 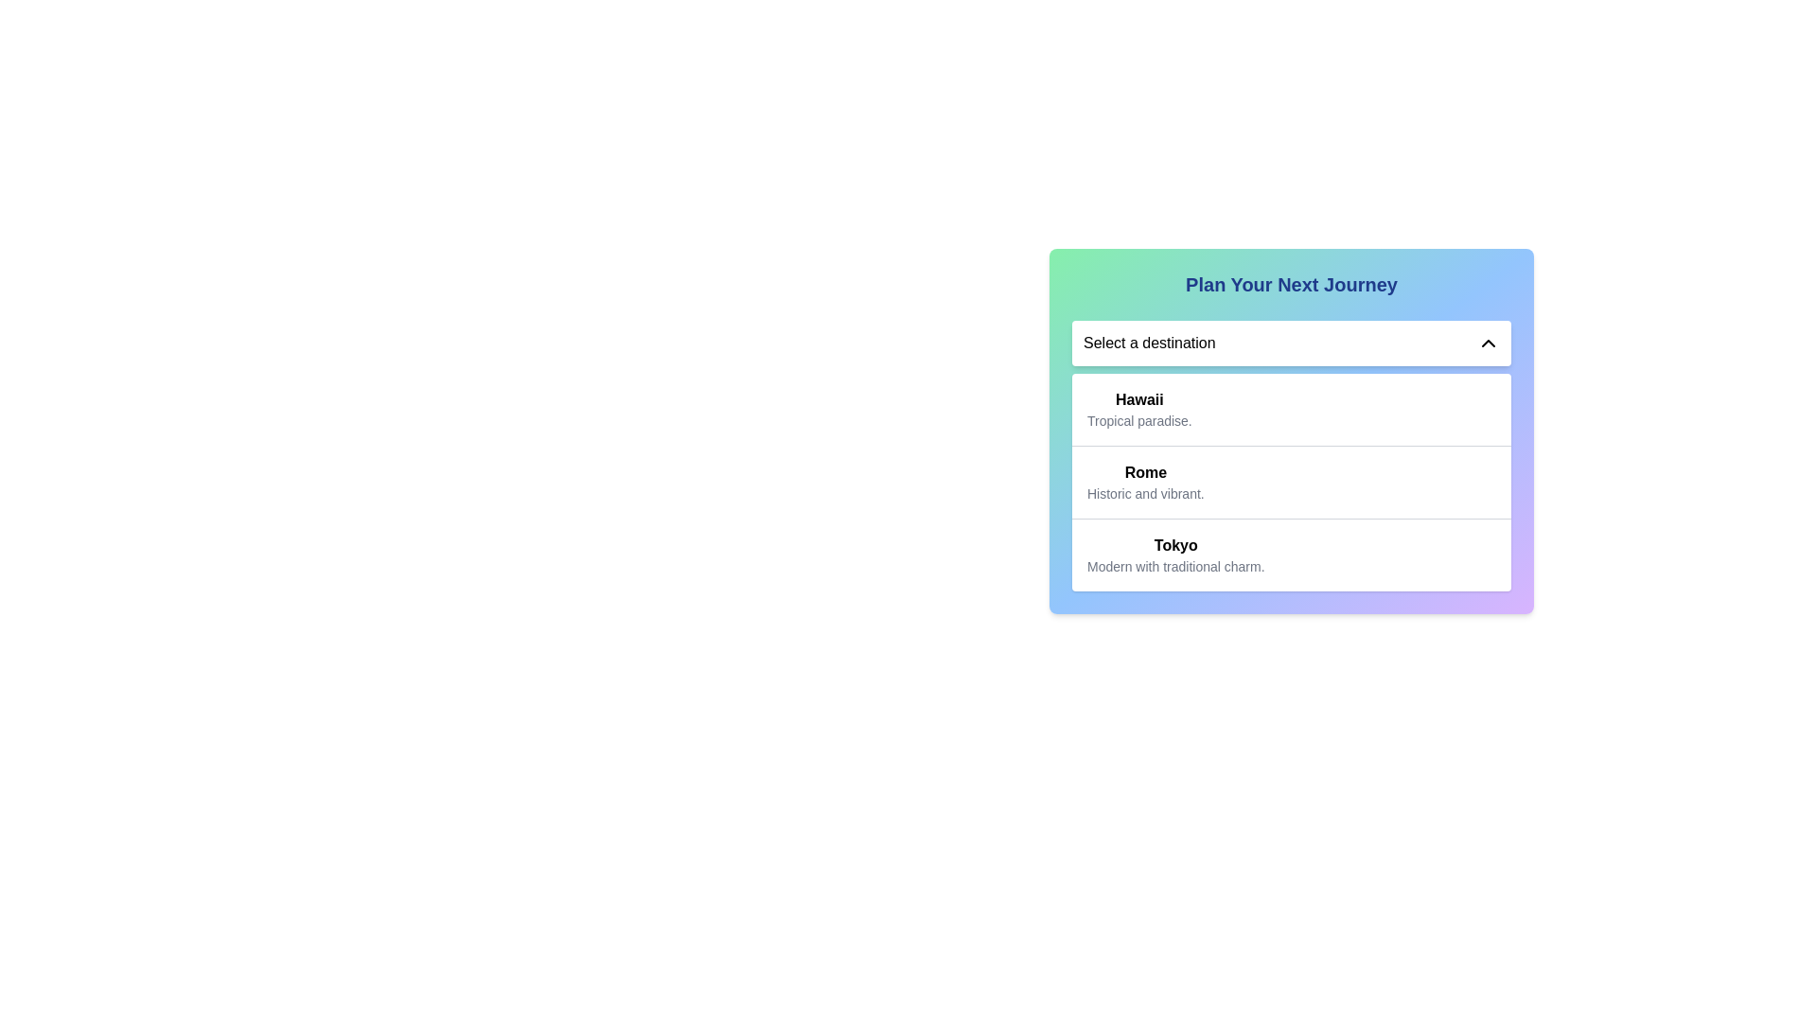 I want to click on the second option in the dropdown menu titled 'Select a destination', which is labeled 'Rome' with a bold title and a description below it, so click(x=1290, y=456).